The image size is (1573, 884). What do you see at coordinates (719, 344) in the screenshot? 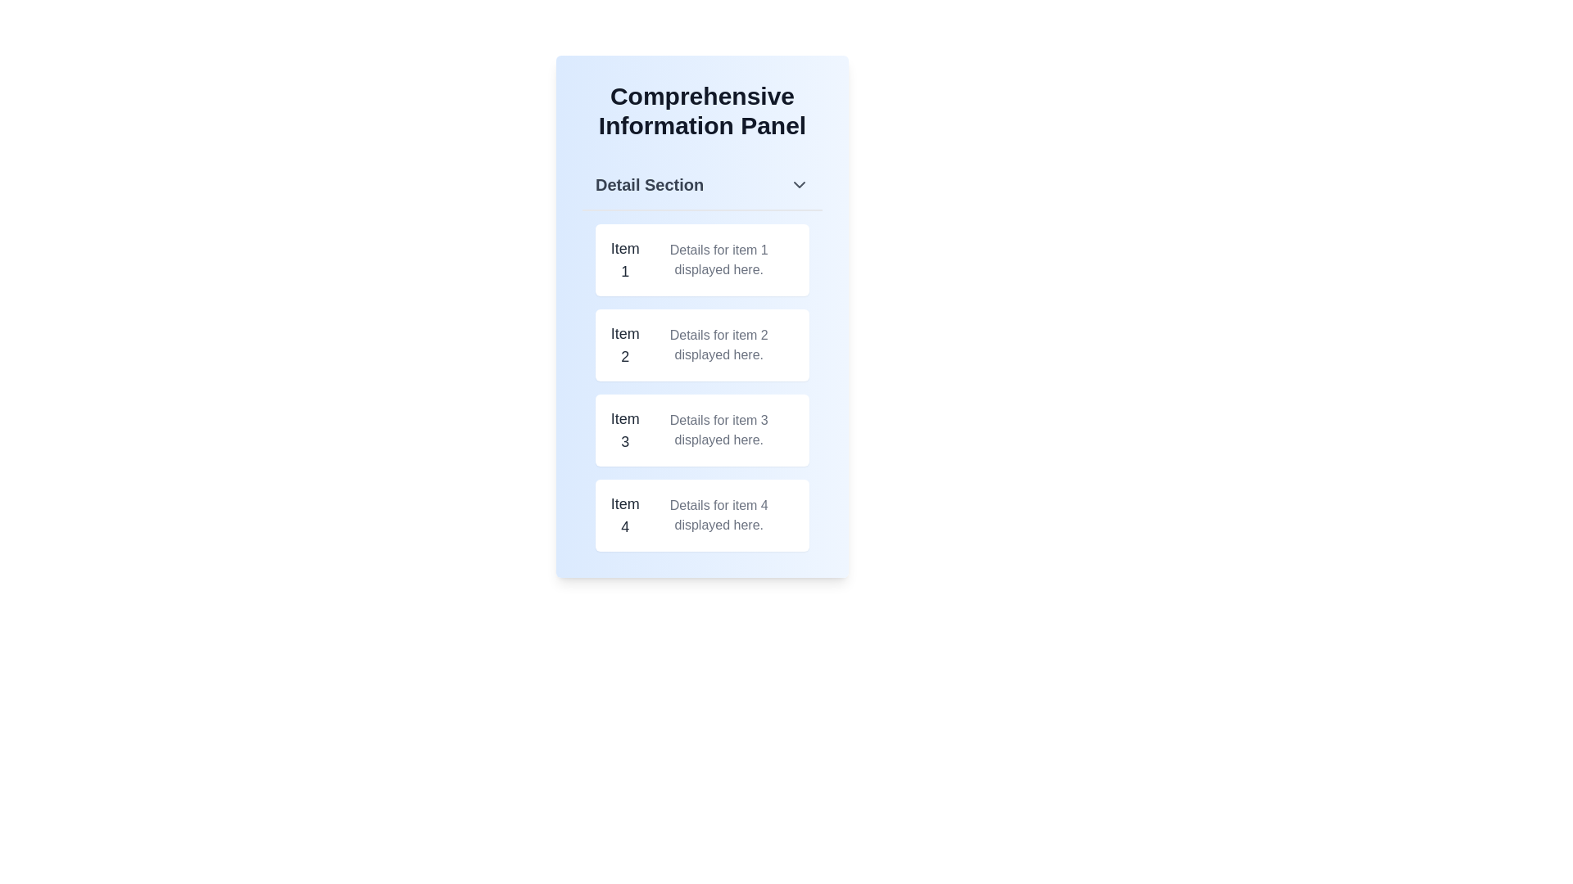
I see `the static text display reading 'Details for item 2 displayed here', which is located below the title 'Item 2' in the second box of the 'Detail Section'` at bounding box center [719, 344].